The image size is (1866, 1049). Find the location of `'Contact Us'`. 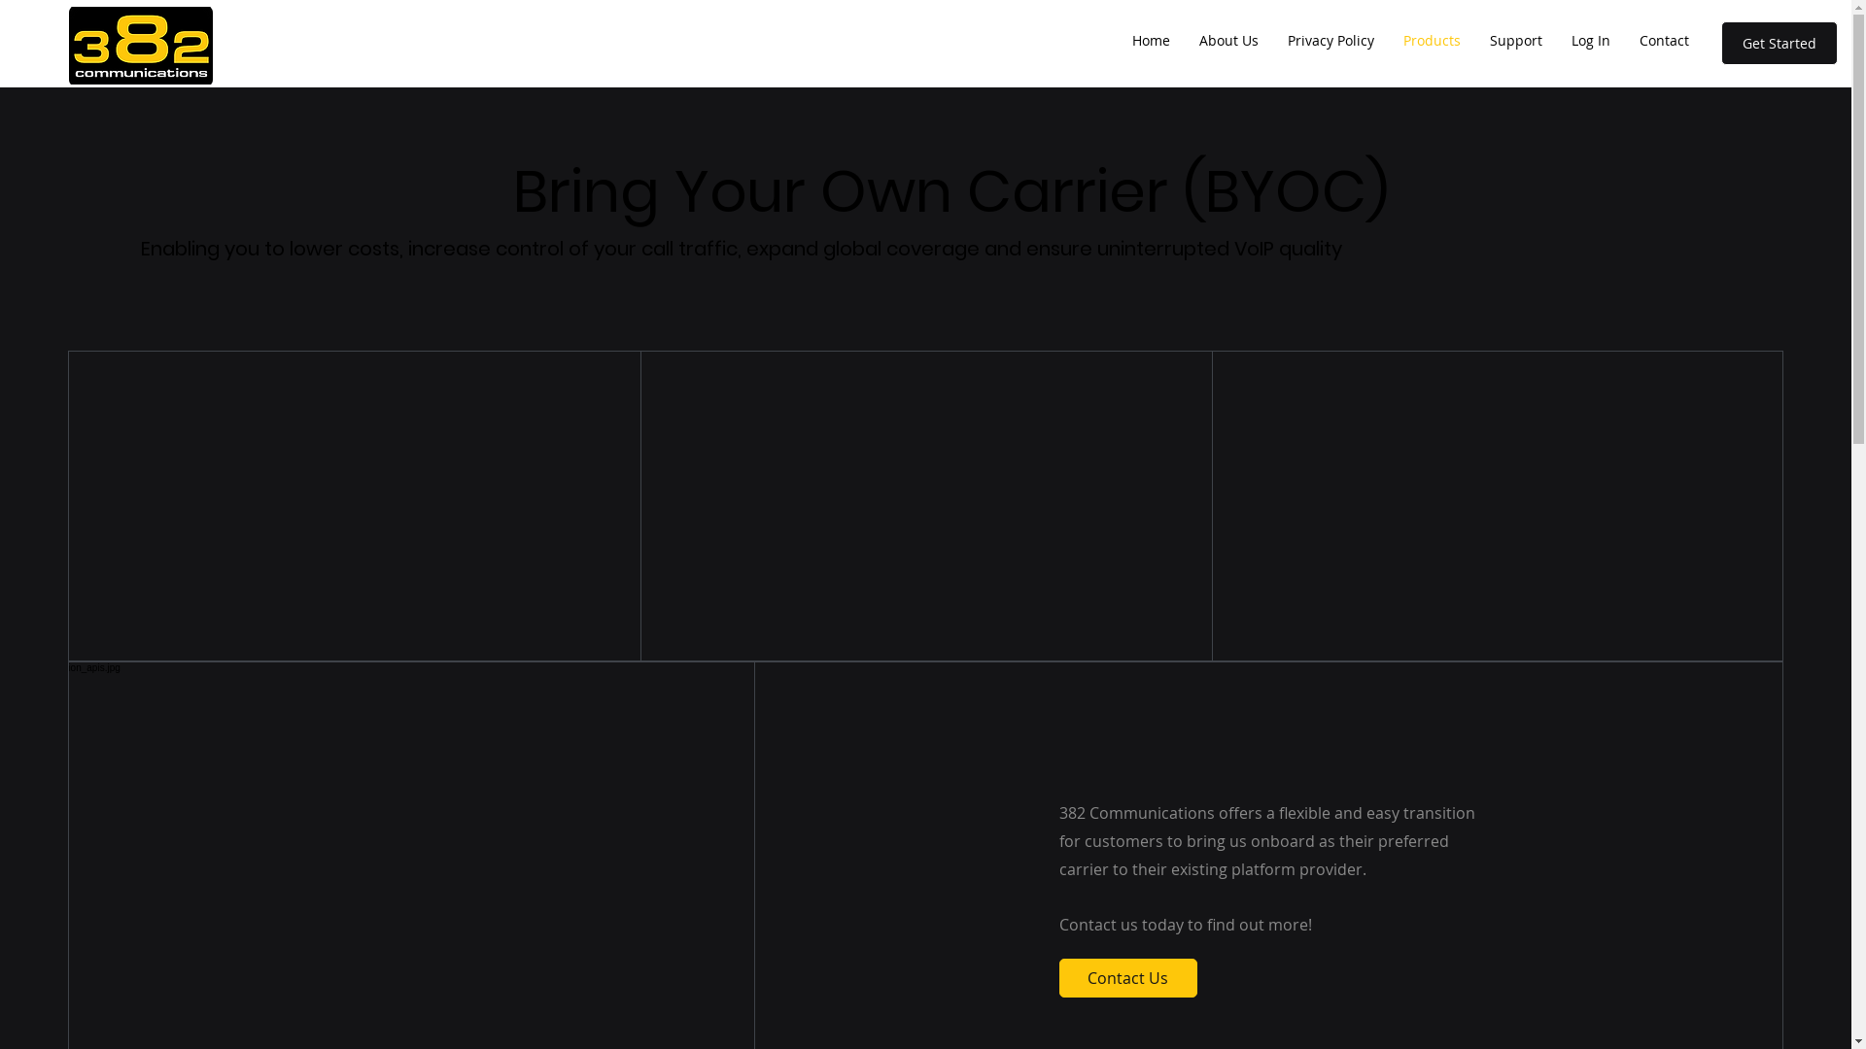

'Contact Us' is located at coordinates (1128, 977).